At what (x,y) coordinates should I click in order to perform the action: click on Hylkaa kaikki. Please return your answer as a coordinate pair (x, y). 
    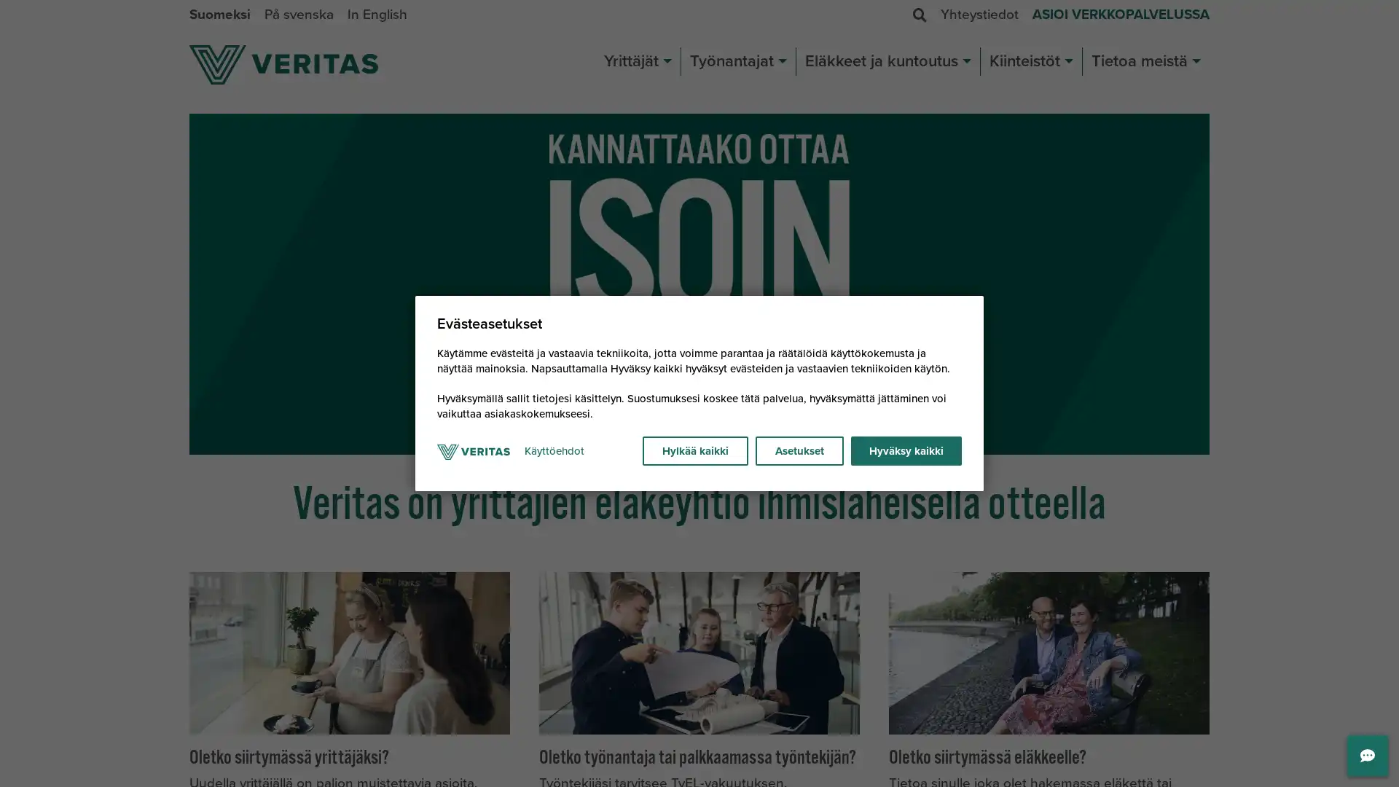
    Looking at the image, I should click on (694, 450).